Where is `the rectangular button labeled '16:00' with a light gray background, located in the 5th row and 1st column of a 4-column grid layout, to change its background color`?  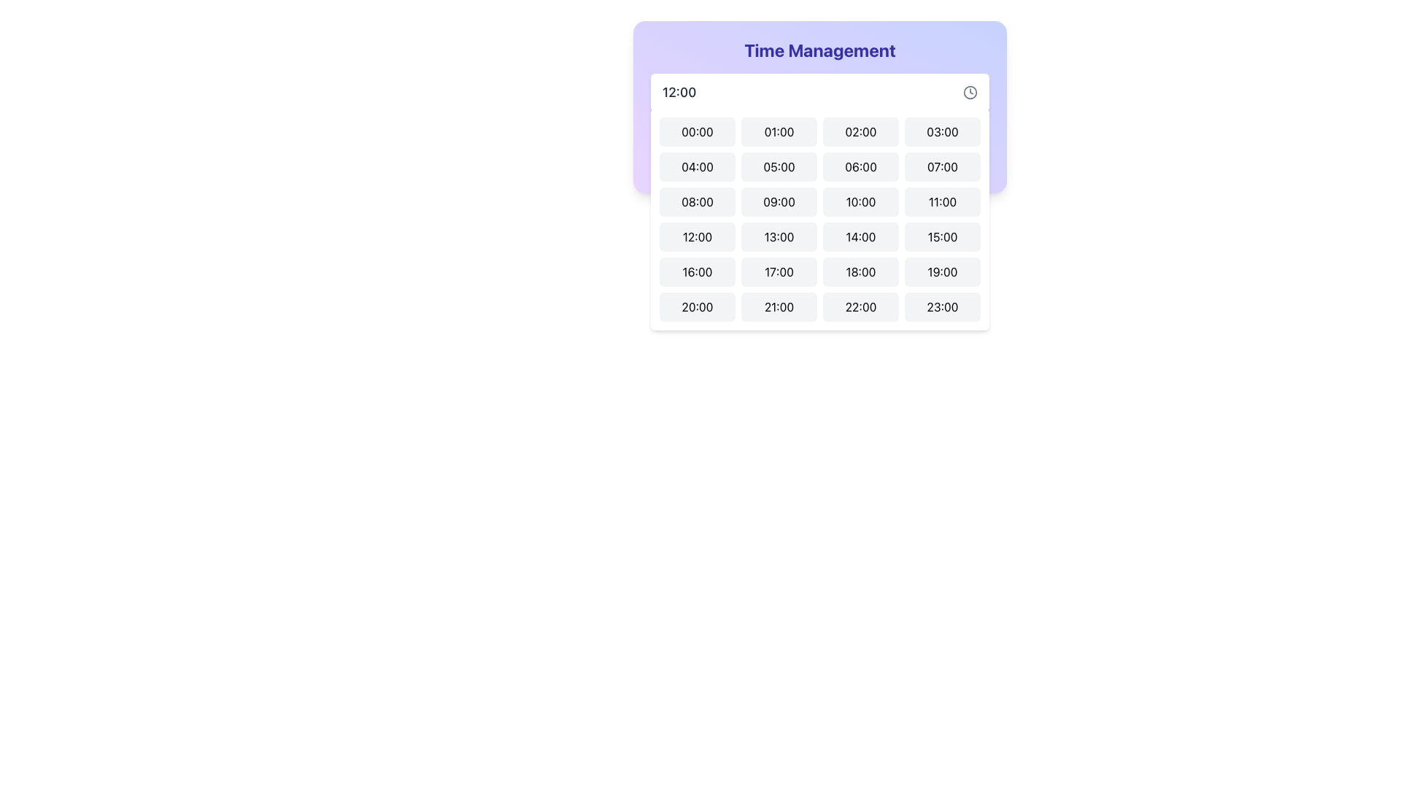 the rectangular button labeled '16:00' with a light gray background, located in the 5th row and 1st column of a 4-column grid layout, to change its background color is located at coordinates (696, 272).